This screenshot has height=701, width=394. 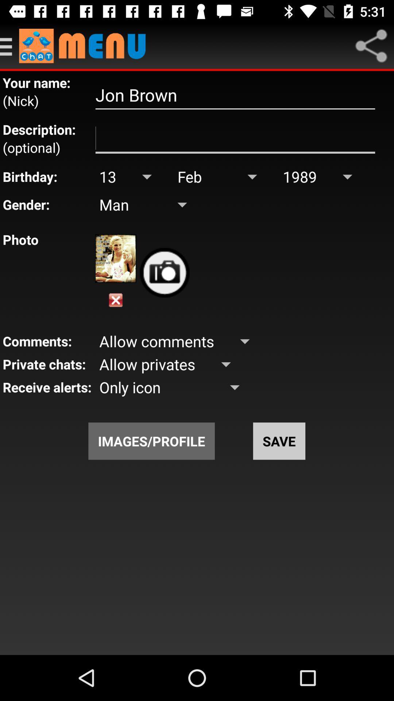 I want to click on menu selection, so click(x=86, y=45).